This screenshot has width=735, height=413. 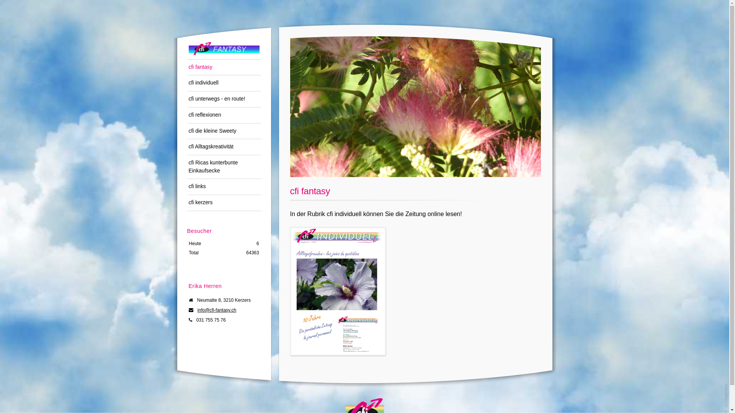 I want to click on 'cfi reflexionen', so click(x=223, y=115).